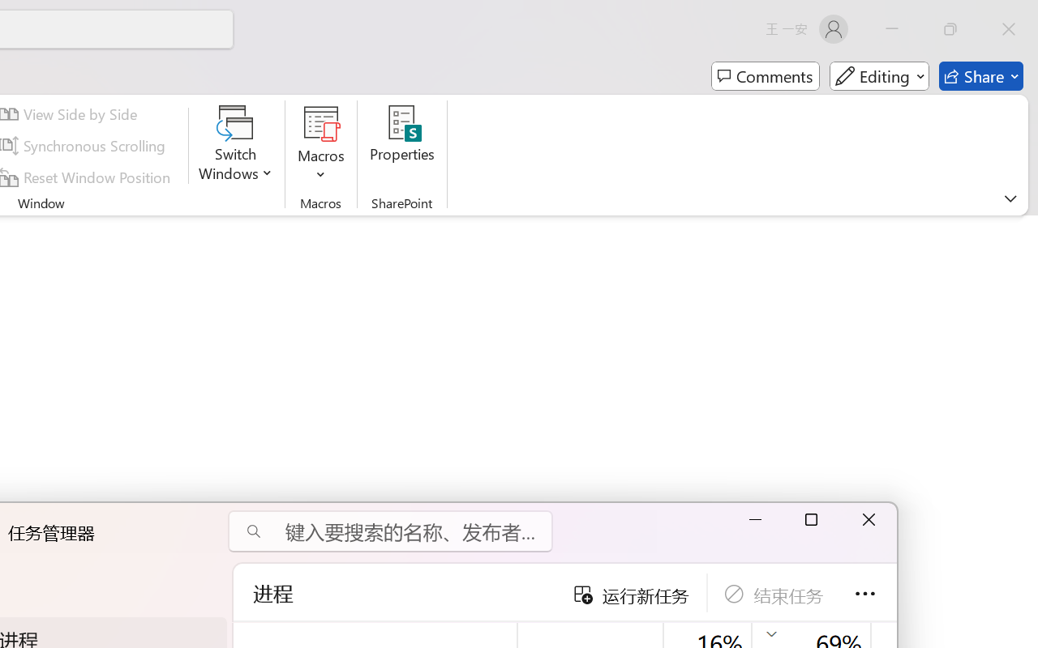 The width and height of the screenshot is (1038, 648). Describe the element at coordinates (321, 145) in the screenshot. I see `'Macros'` at that location.